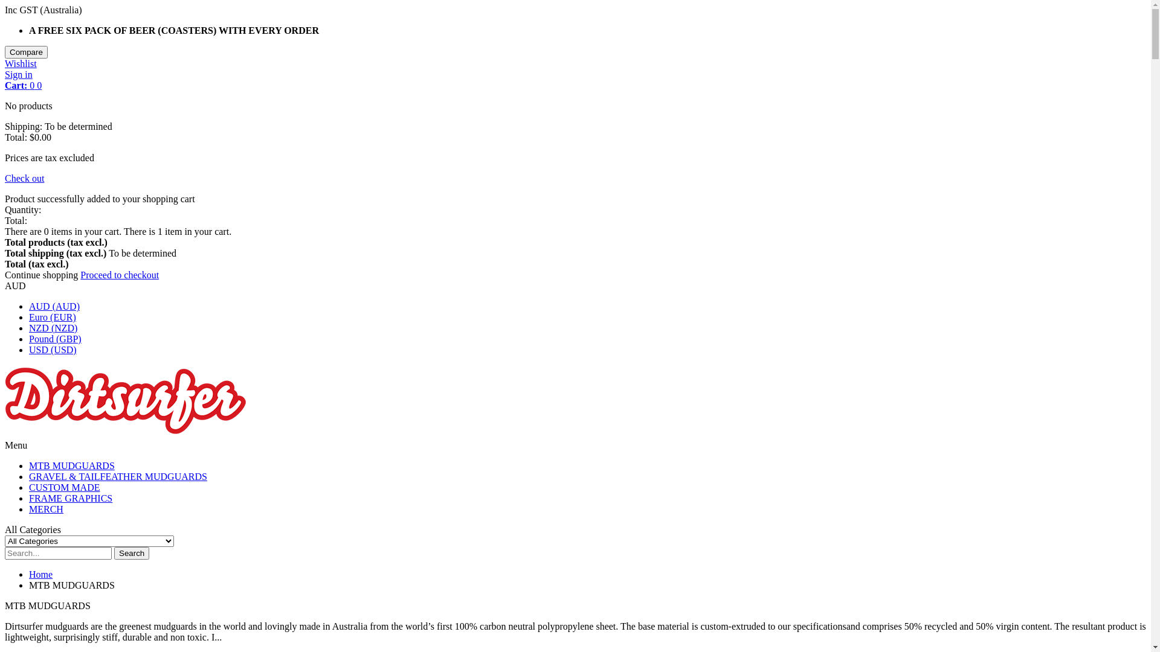  I want to click on 'CUSTOM MADE', so click(63, 487).